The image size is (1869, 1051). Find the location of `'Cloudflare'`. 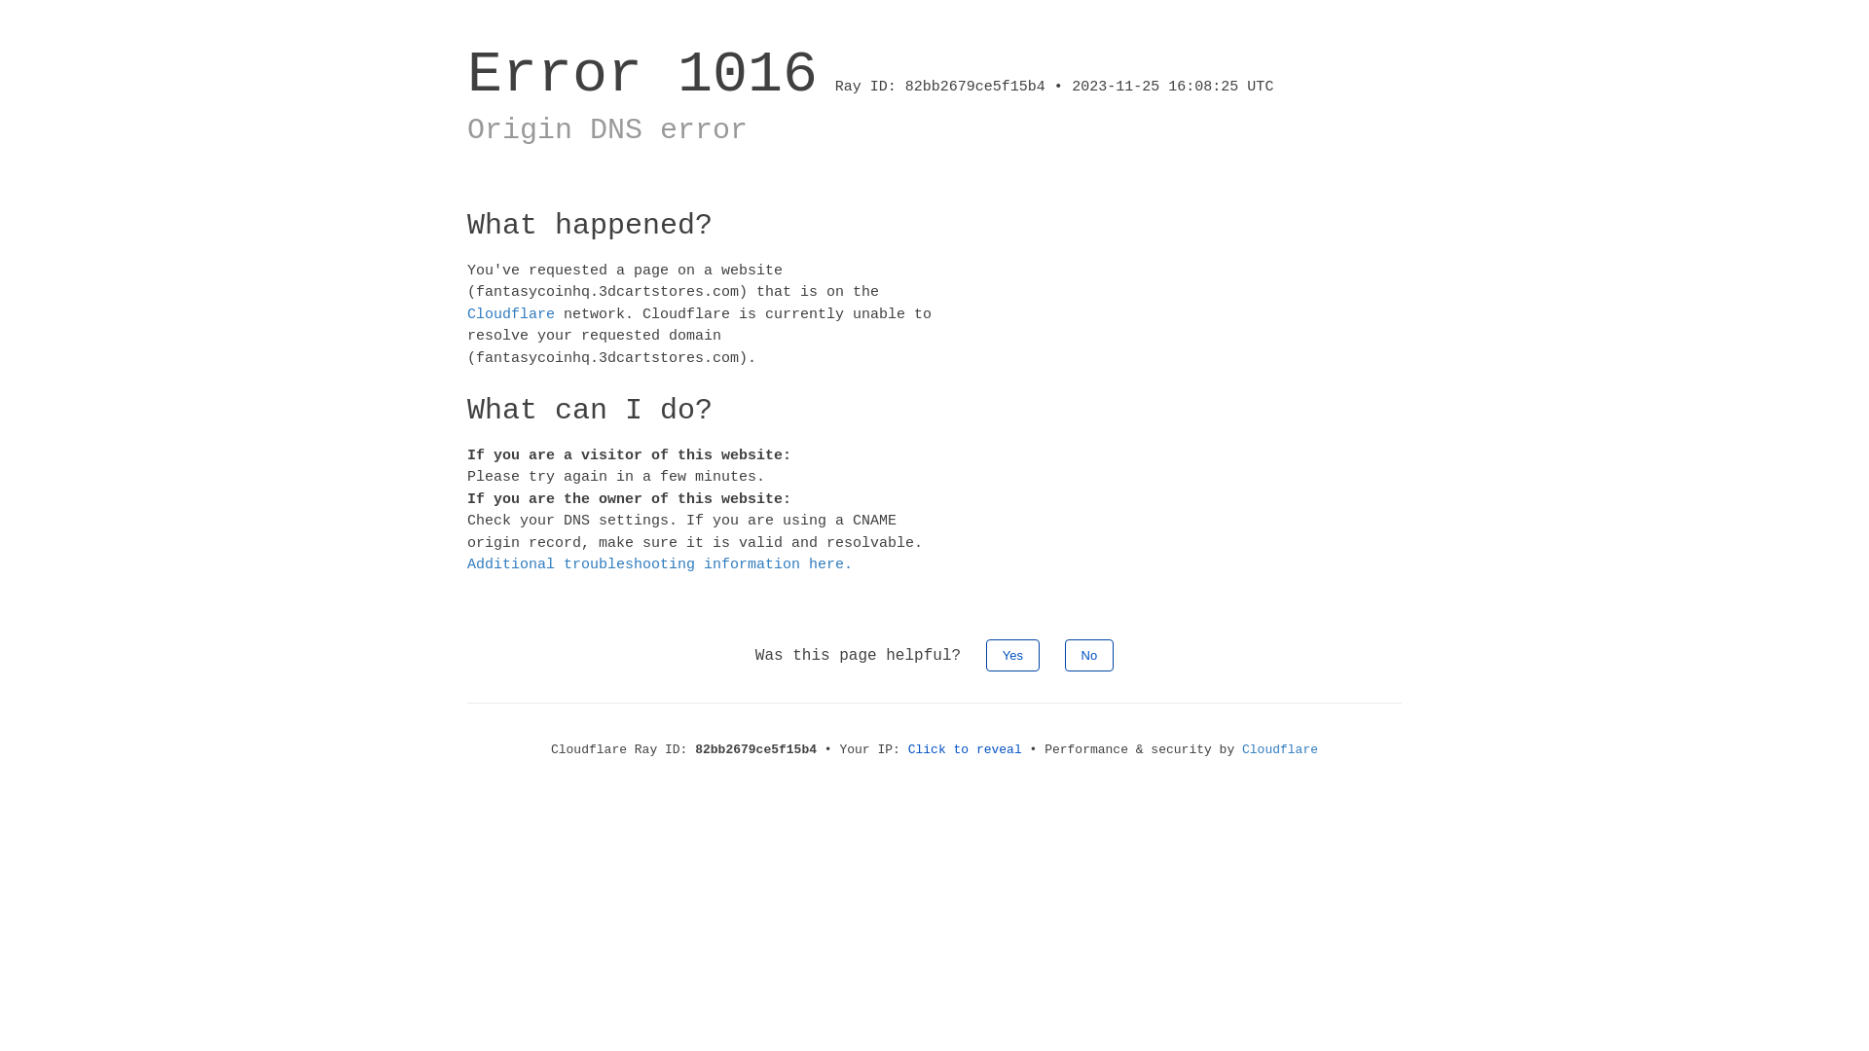

'Cloudflare' is located at coordinates (1280, 747).